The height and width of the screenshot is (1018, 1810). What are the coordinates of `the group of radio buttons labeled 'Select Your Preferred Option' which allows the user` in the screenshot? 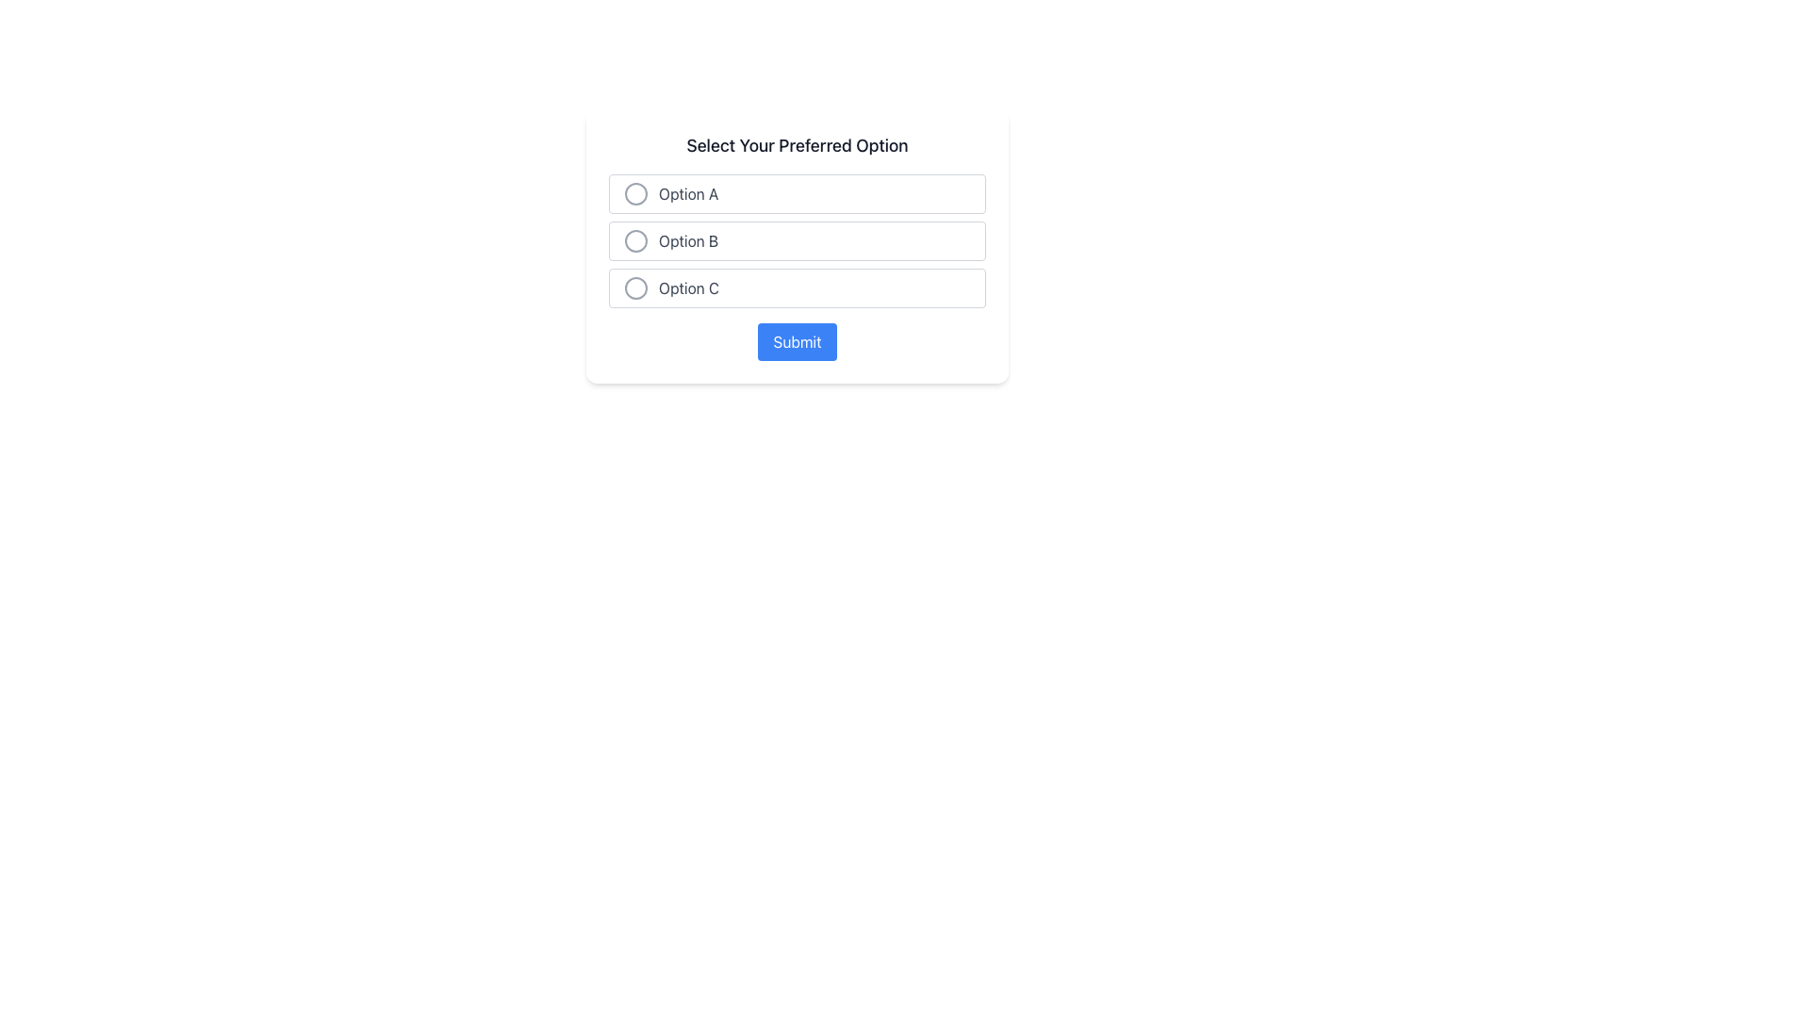 It's located at (797, 239).